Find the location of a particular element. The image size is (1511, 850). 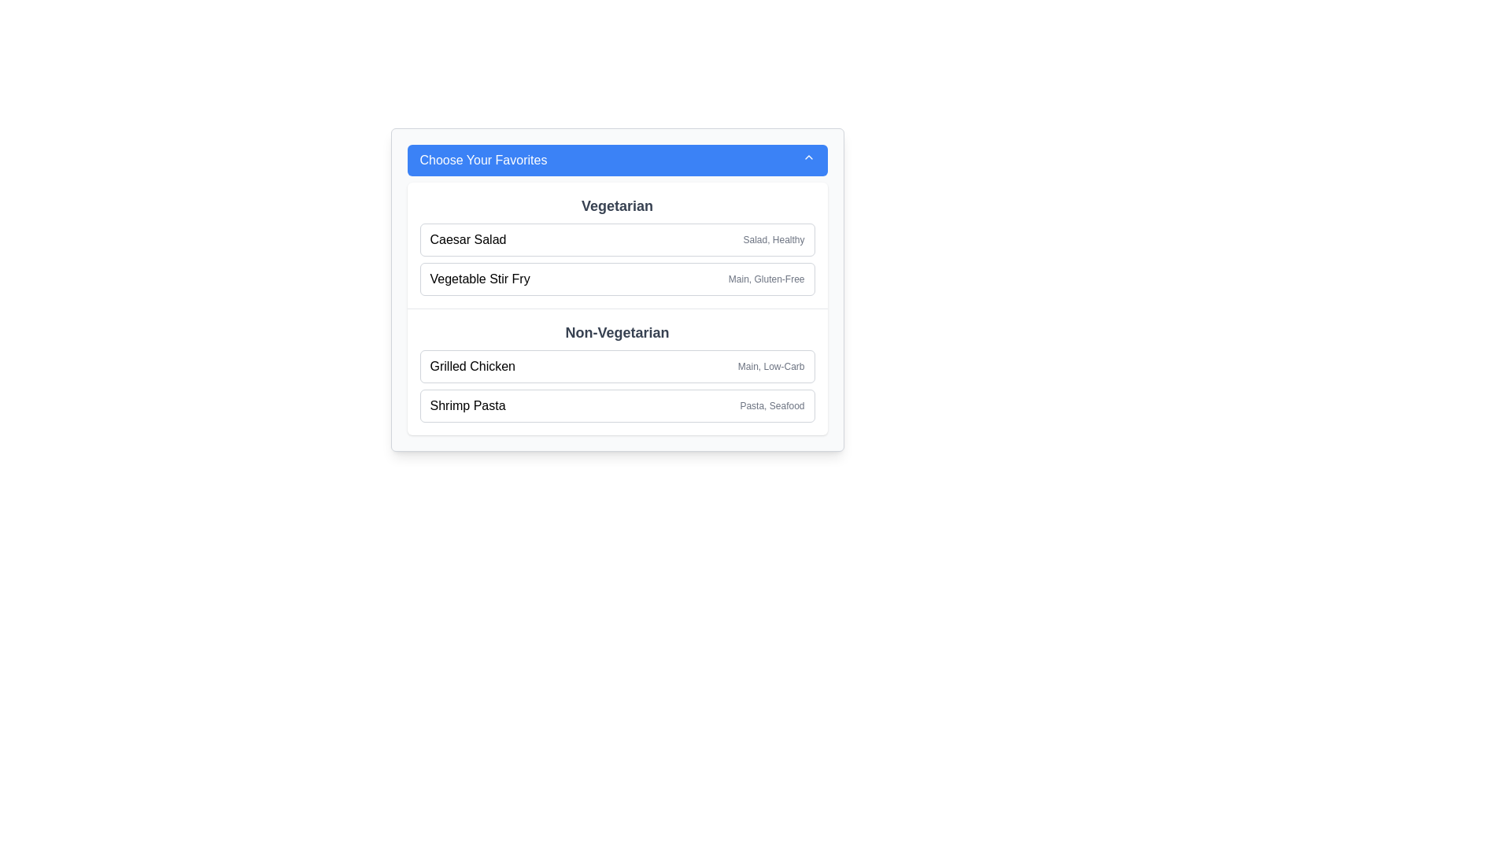

the informational text label displaying 'Pasta, Seafood' is located at coordinates (772, 405).